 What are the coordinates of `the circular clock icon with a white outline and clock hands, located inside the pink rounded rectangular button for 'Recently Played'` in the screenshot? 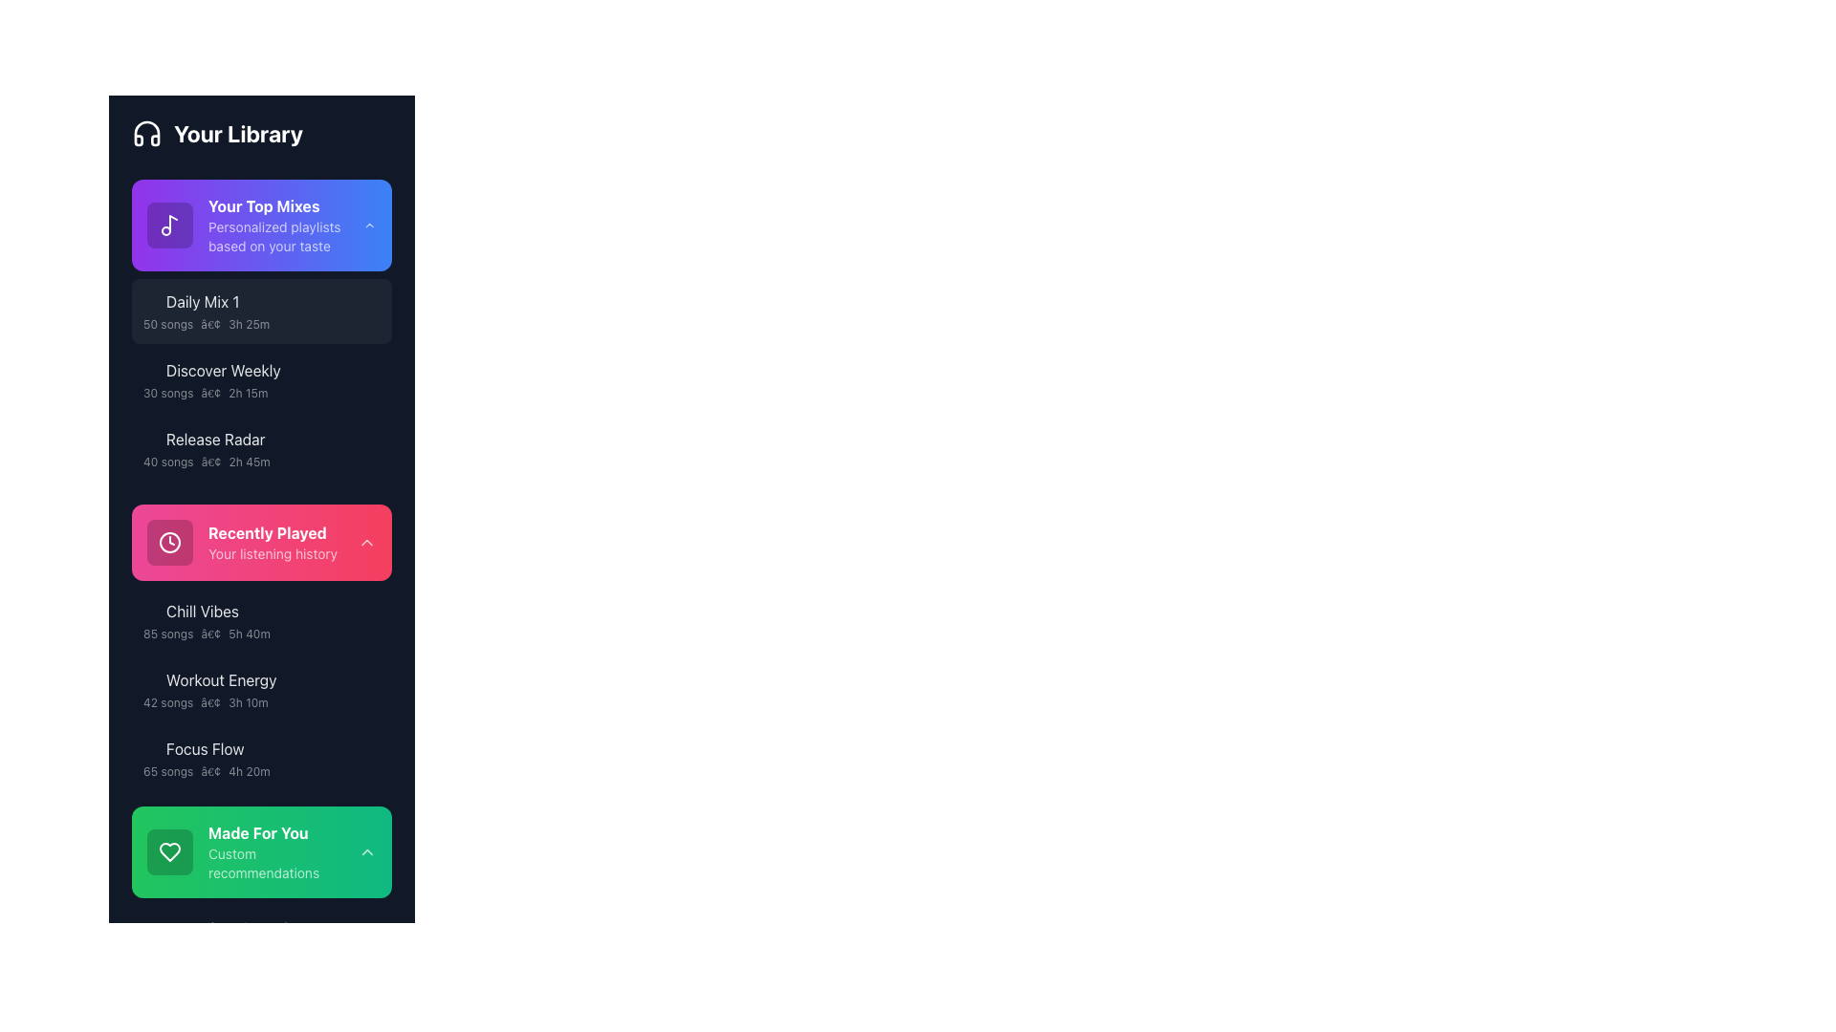 It's located at (169, 542).